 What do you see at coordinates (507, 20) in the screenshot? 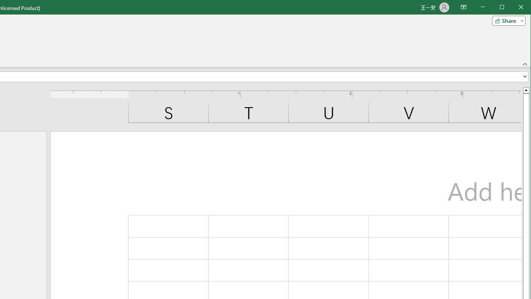
I see `'Share'` at bounding box center [507, 20].